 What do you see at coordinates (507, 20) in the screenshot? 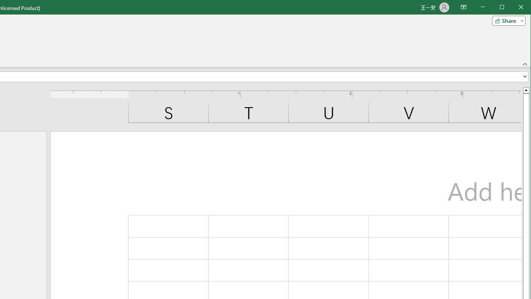
I see `'Share'` at bounding box center [507, 20].